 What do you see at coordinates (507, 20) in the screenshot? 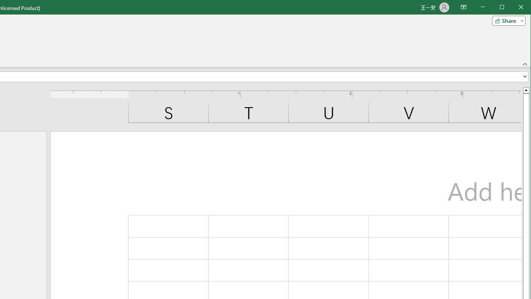
I see `'Share'` at bounding box center [507, 20].